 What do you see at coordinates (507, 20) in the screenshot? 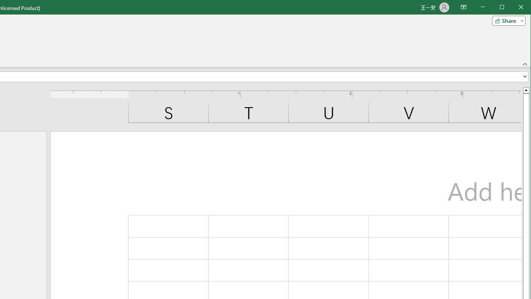
I see `'Share'` at bounding box center [507, 20].